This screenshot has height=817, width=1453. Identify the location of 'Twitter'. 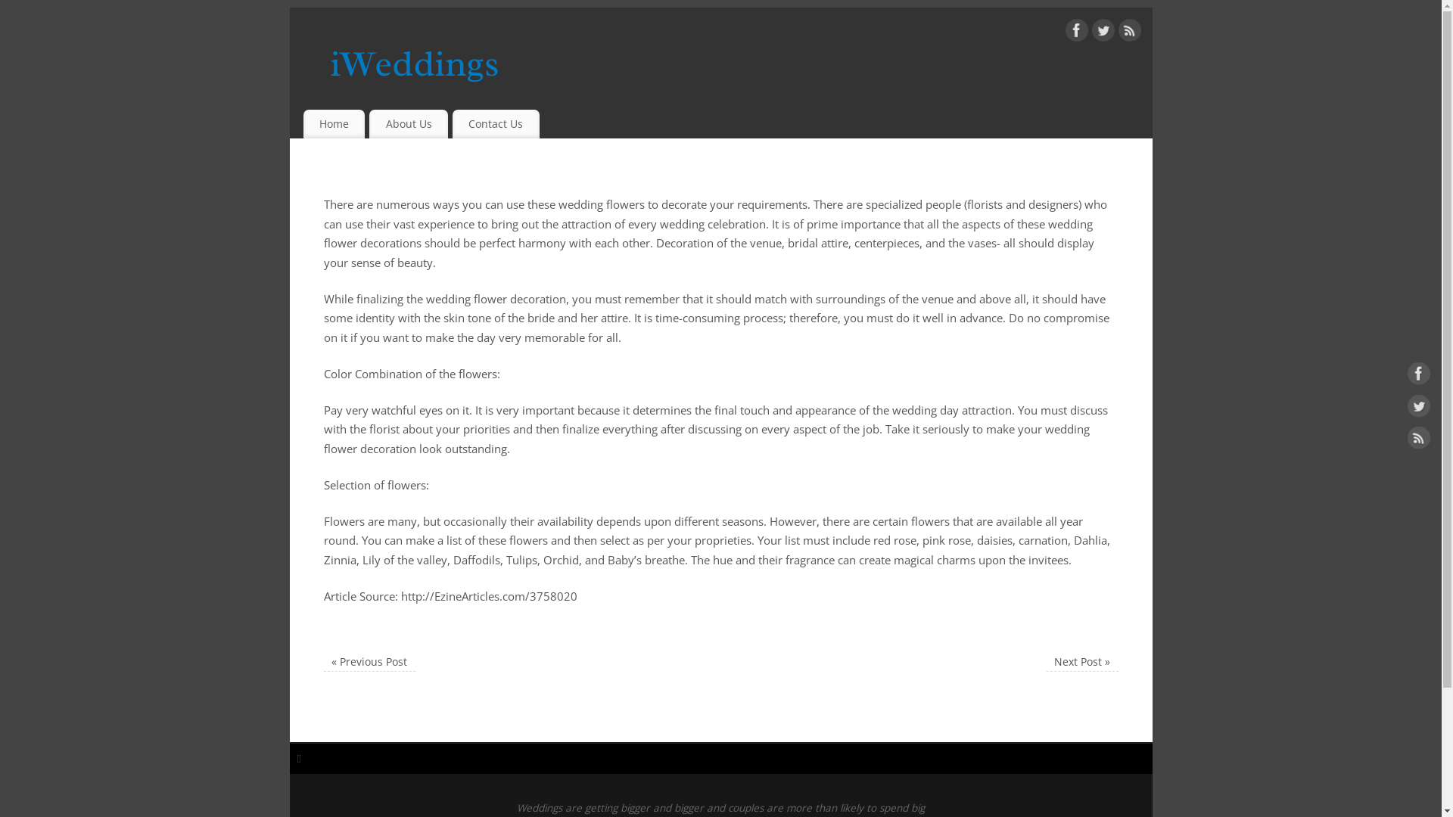
(1091, 33).